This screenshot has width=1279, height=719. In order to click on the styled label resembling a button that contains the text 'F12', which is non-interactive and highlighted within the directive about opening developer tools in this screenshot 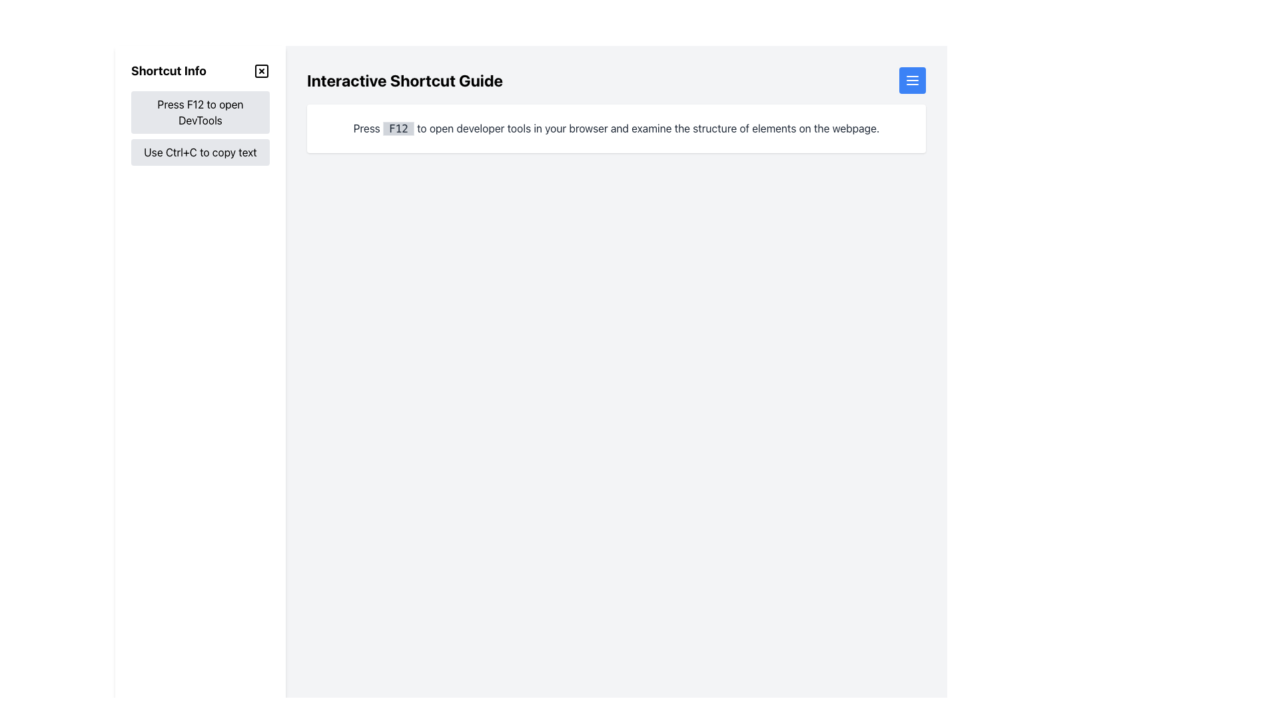, I will do `click(398, 128)`.